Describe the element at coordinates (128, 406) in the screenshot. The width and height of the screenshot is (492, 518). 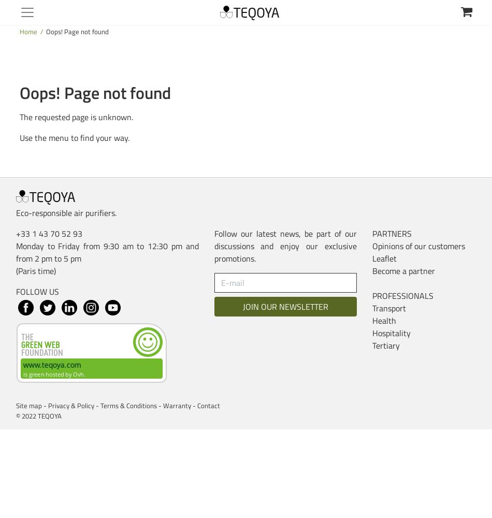
I see `'Terms & Conditions'` at that location.